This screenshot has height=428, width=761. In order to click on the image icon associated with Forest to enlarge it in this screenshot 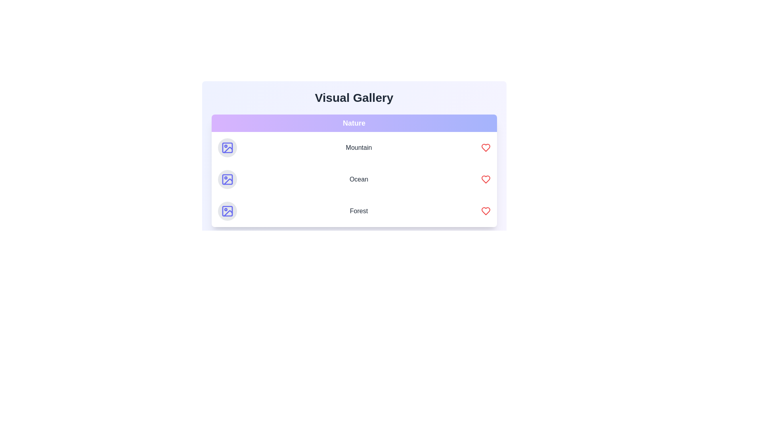, I will do `click(227, 210)`.